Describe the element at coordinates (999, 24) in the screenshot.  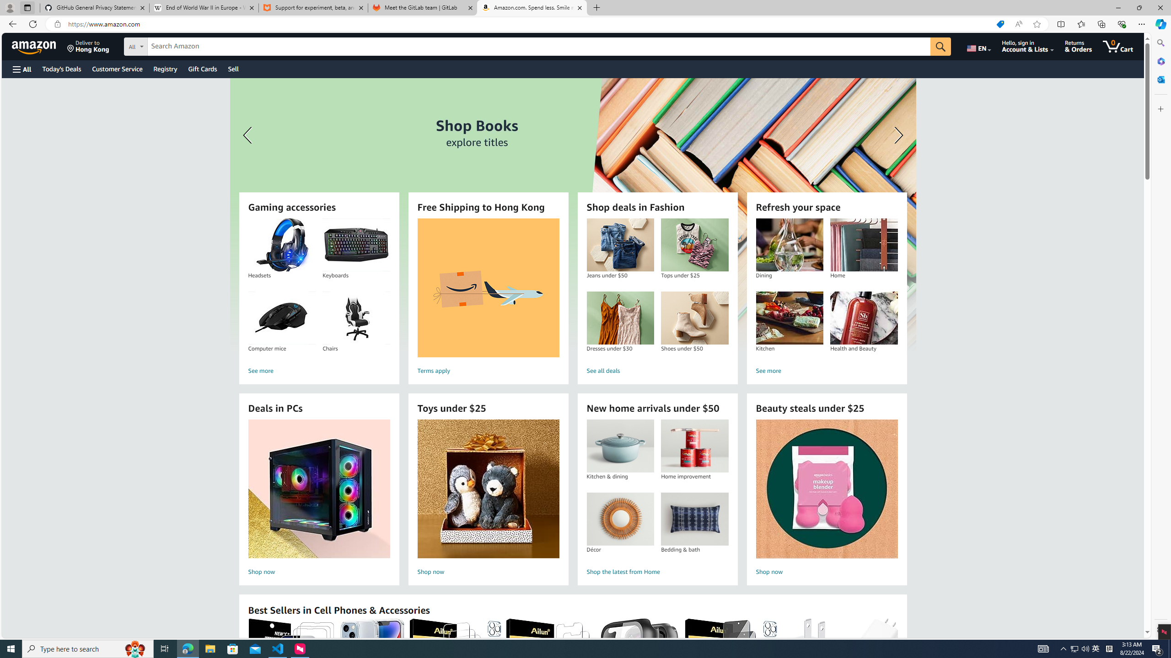
I see `'Shopping in Microsoft Edge'` at that location.